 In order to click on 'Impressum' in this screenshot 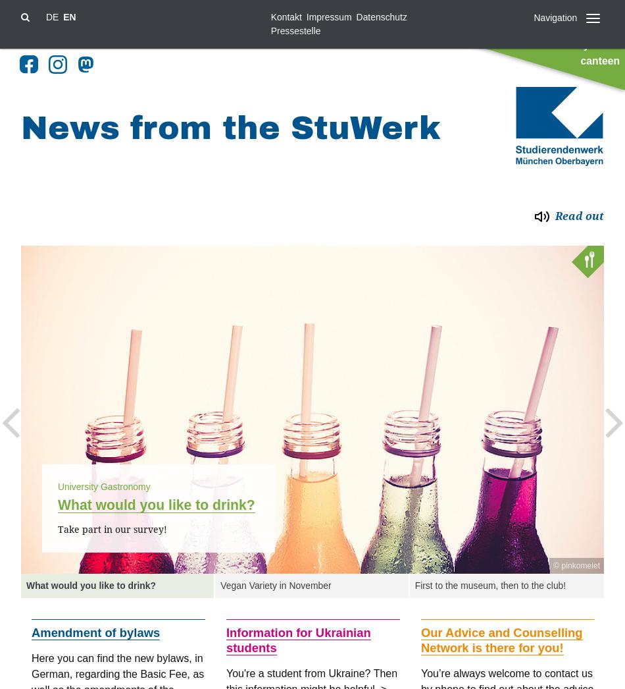, I will do `click(328, 16)`.